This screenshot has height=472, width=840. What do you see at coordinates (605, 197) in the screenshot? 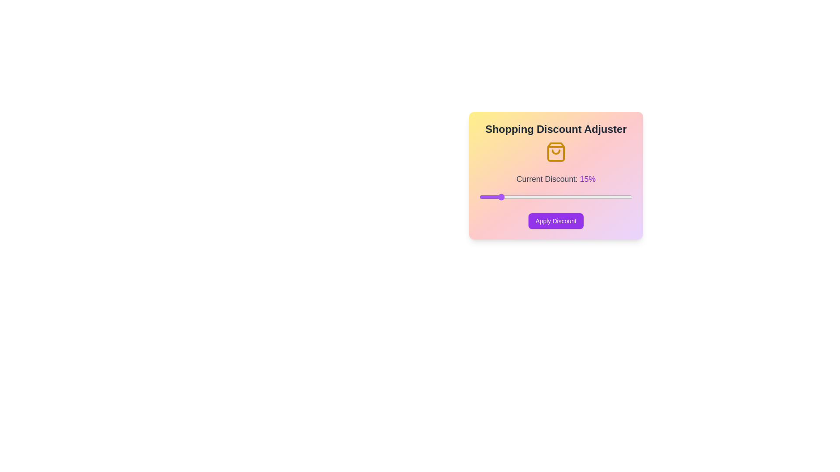
I see `the discount slider to set the discount percentage to 43` at bounding box center [605, 197].